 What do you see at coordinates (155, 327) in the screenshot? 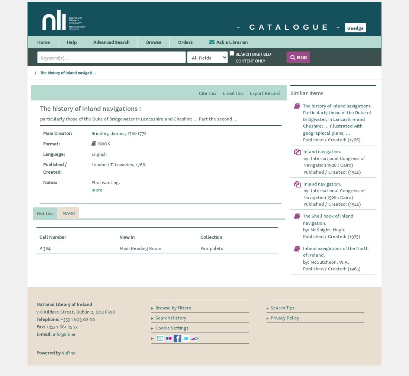
I see `'Cookie Settings'` at bounding box center [155, 327].